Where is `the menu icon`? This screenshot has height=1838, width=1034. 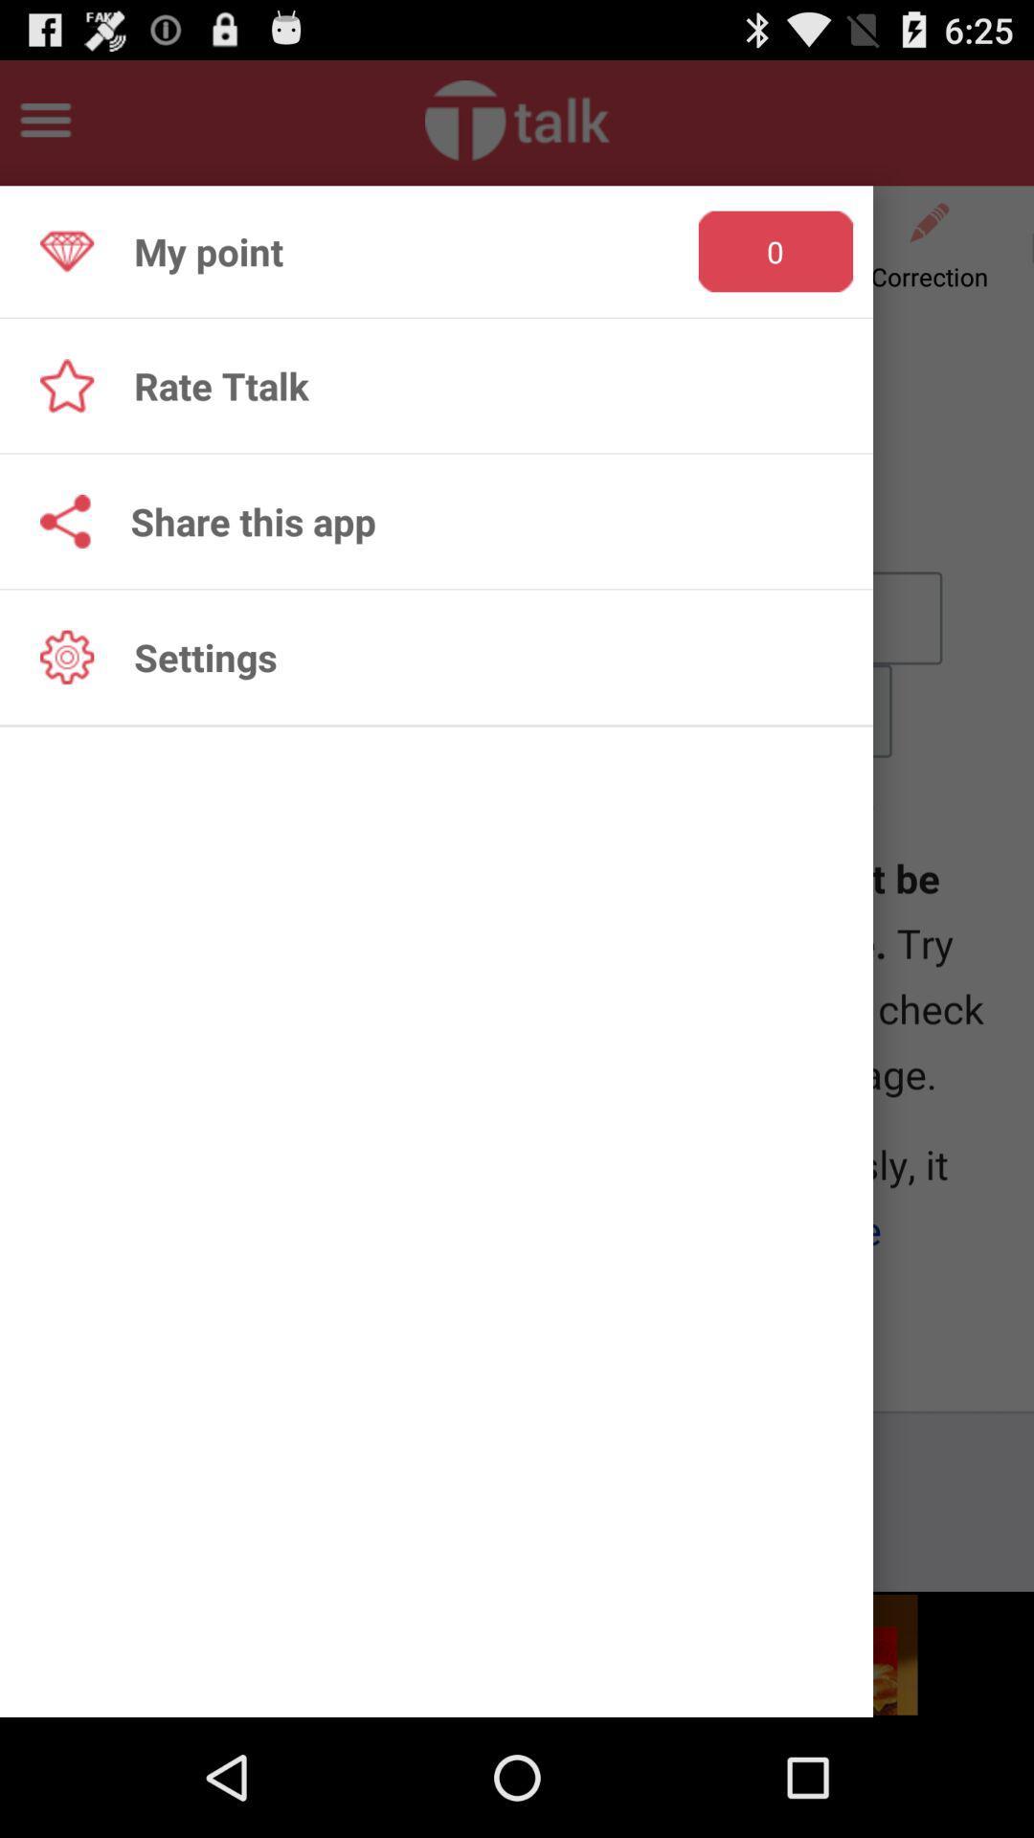
the menu icon is located at coordinates (44, 127).